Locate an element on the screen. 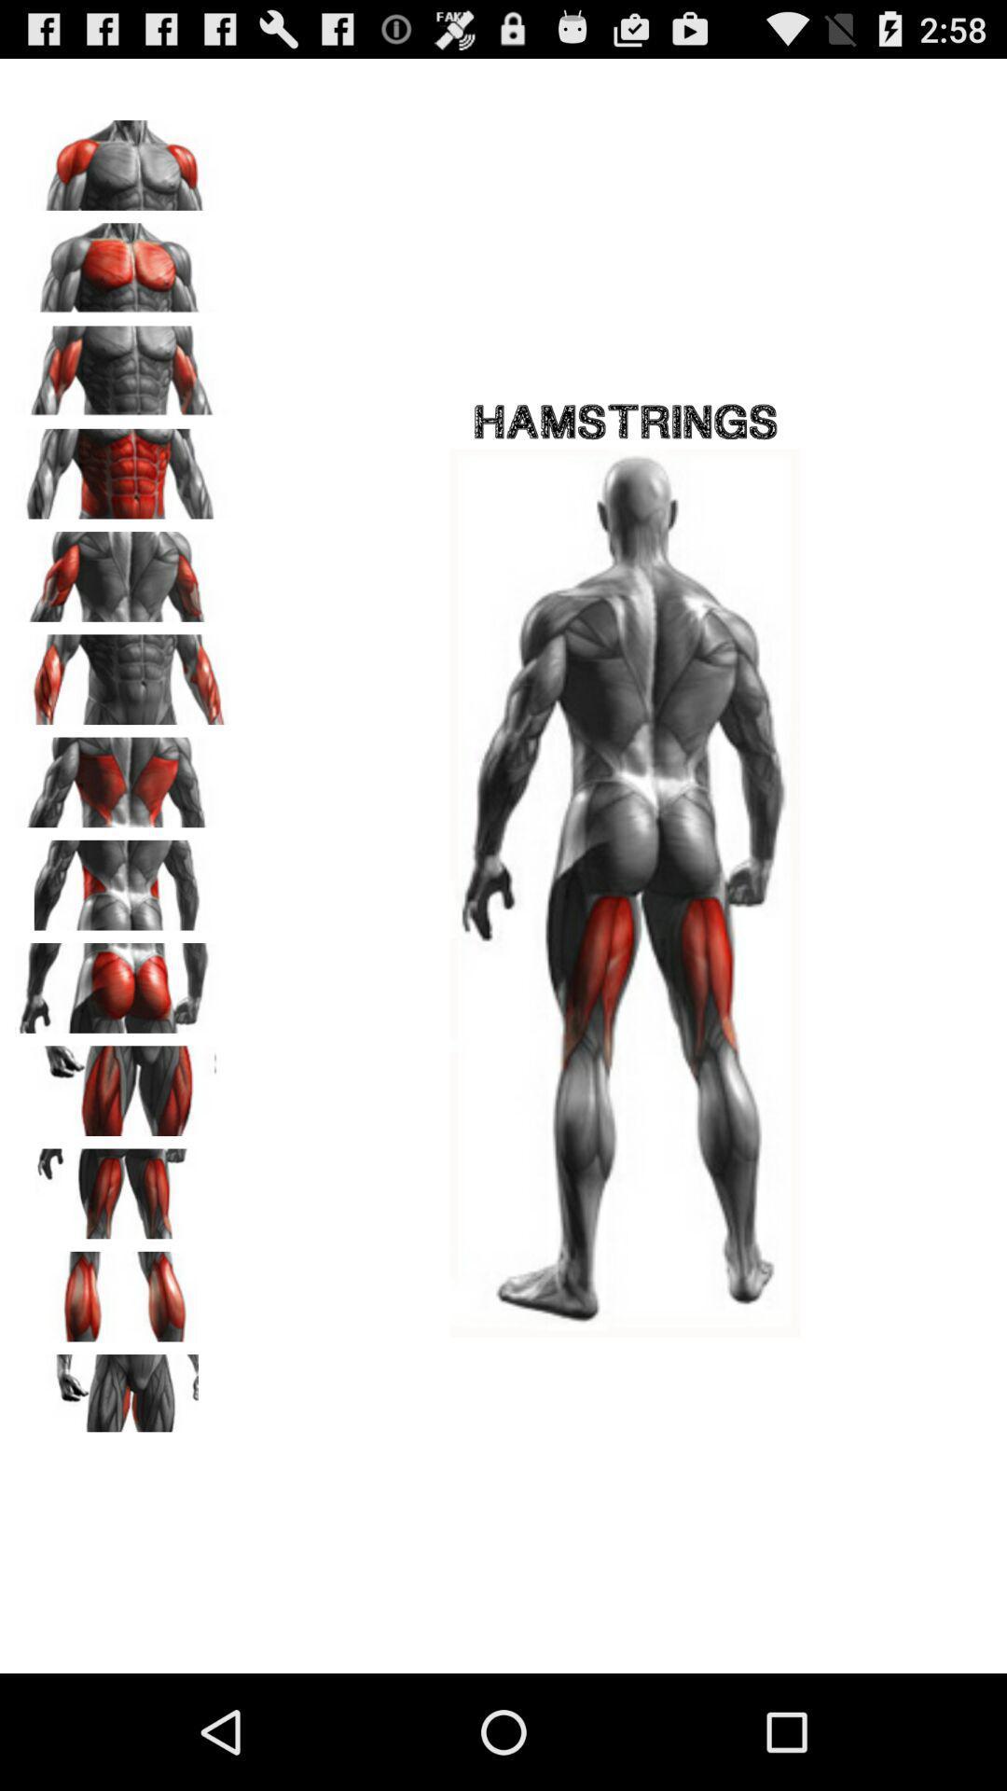  chest workout is located at coordinates (122, 260).